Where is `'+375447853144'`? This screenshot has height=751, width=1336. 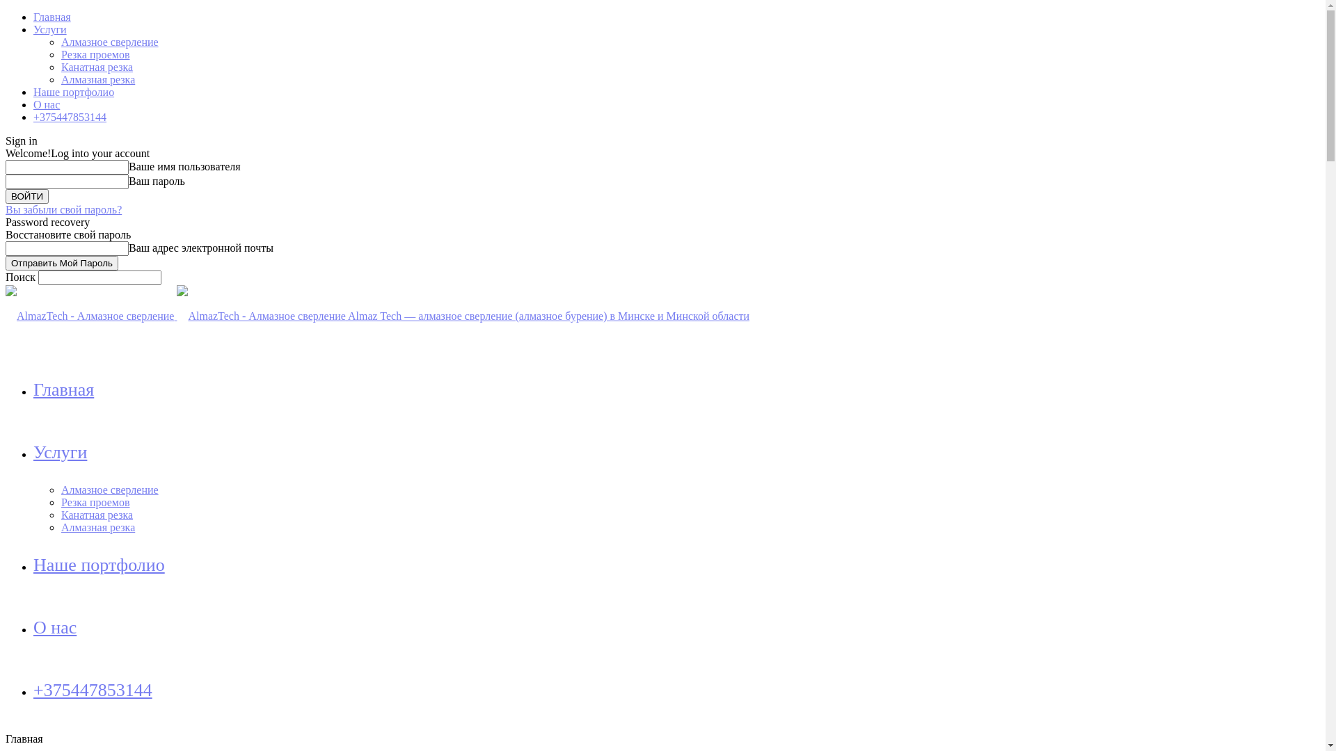 '+375447853144' is located at coordinates (69, 116).